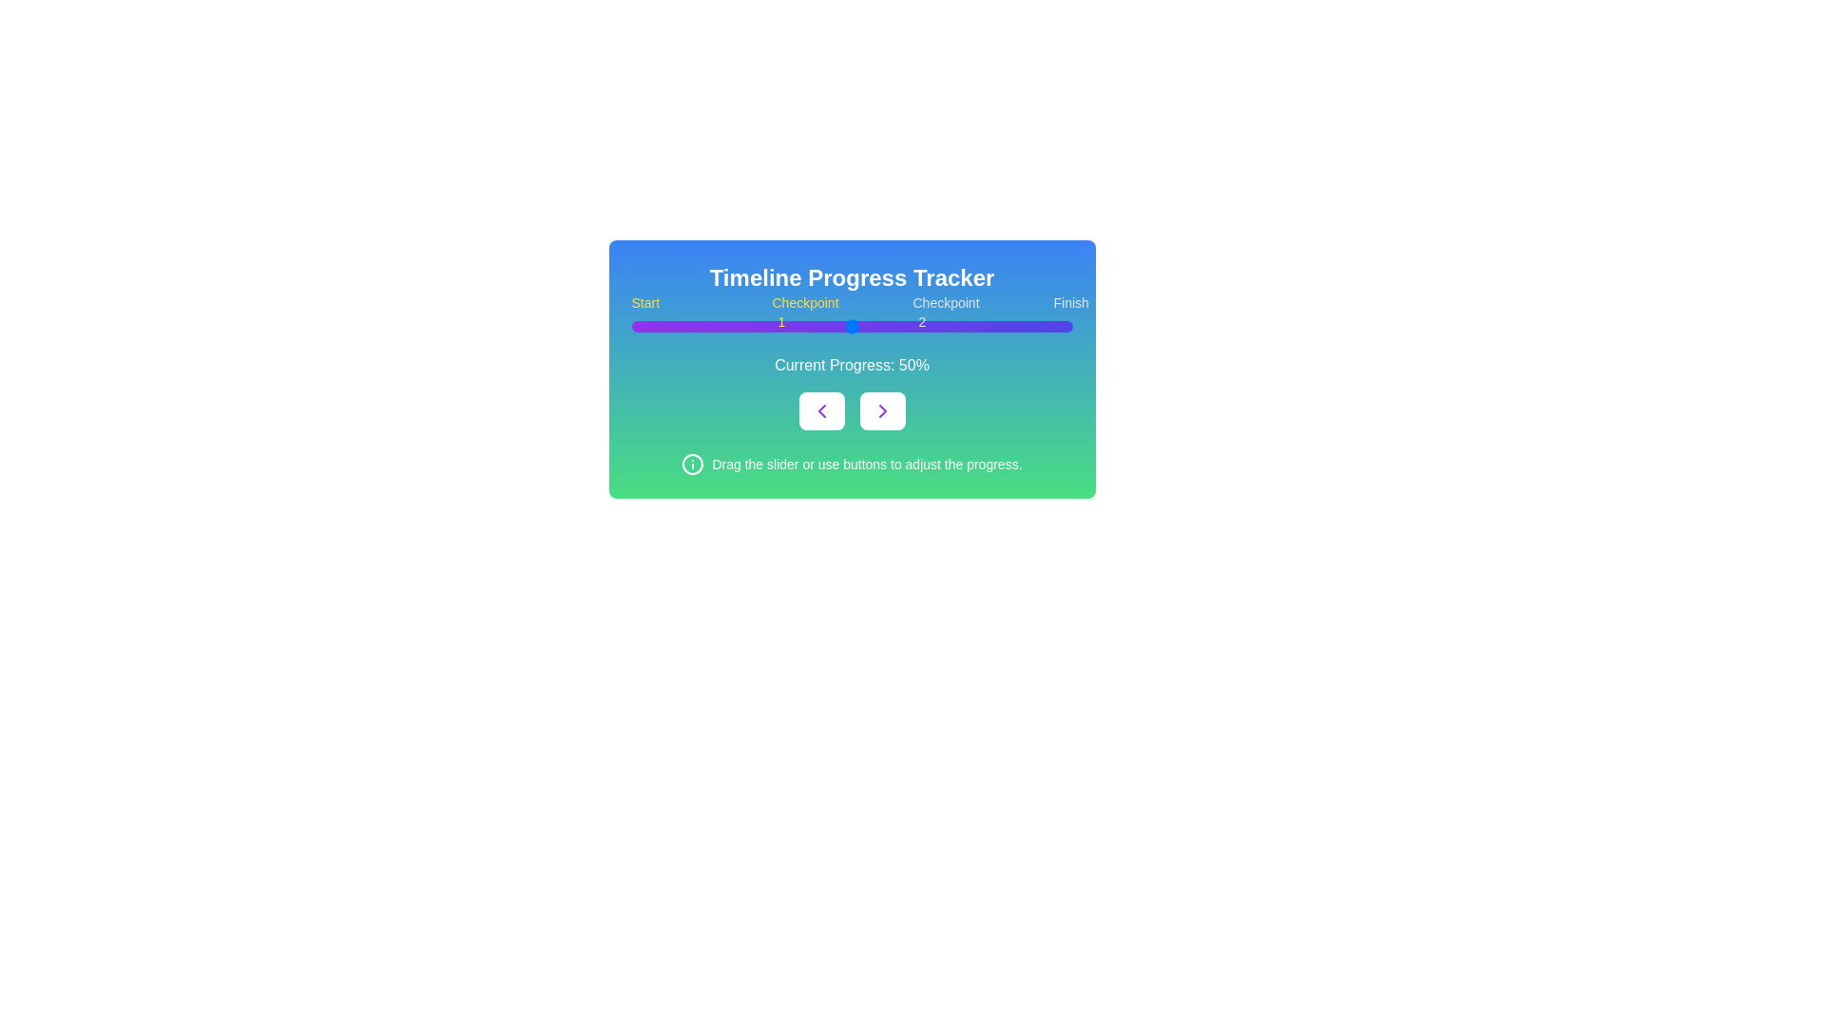  What do you see at coordinates (851, 278) in the screenshot?
I see `the heading element with the text 'Timeline Progress Tracker', which is displayed in a large bold font and is center-aligned at the top of a gradient background panel transitioning from blue to green` at bounding box center [851, 278].